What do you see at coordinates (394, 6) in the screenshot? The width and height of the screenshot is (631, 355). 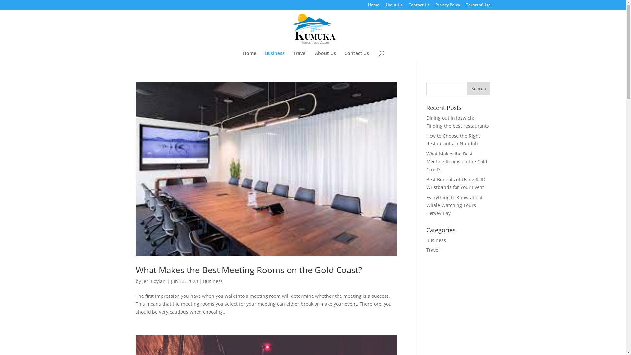 I see `'About Us'` at bounding box center [394, 6].